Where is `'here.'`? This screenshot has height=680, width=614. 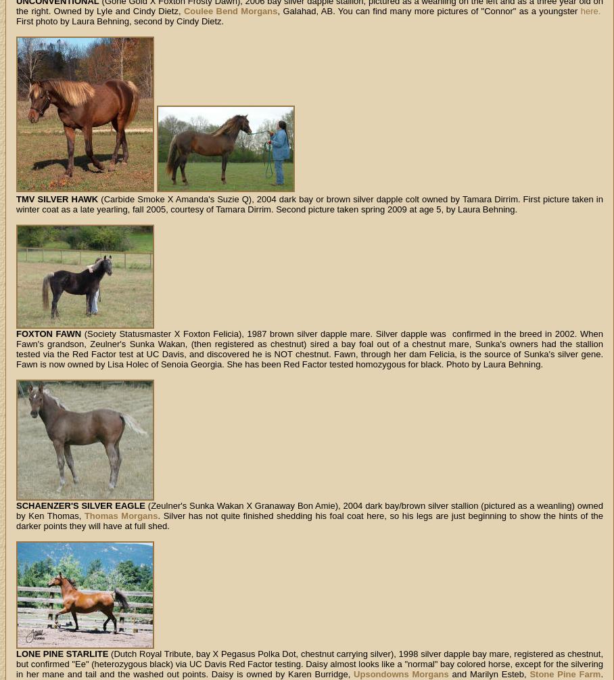 'here.' is located at coordinates (590, 11).